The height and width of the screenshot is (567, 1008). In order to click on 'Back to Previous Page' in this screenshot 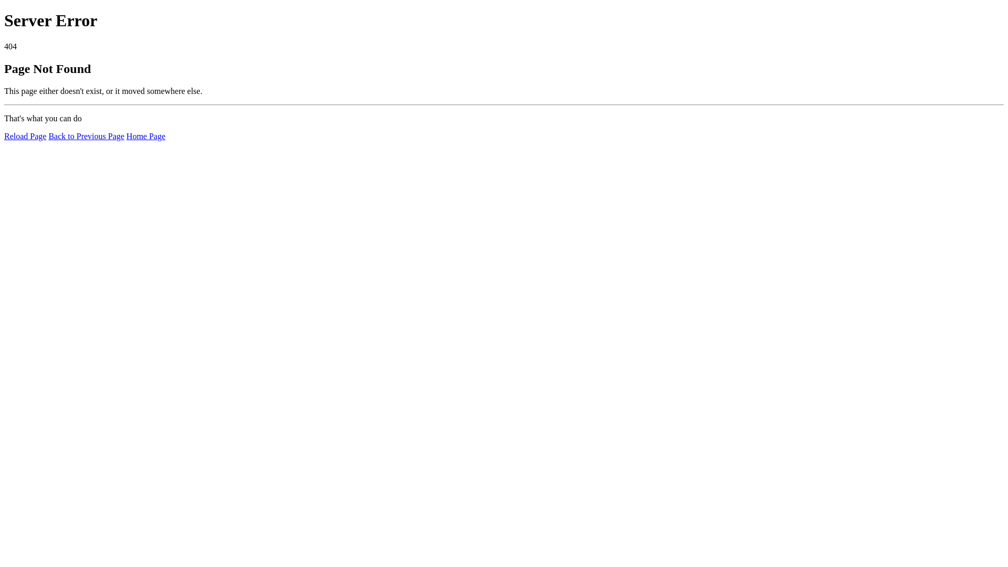, I will do `click(86, 135)`.